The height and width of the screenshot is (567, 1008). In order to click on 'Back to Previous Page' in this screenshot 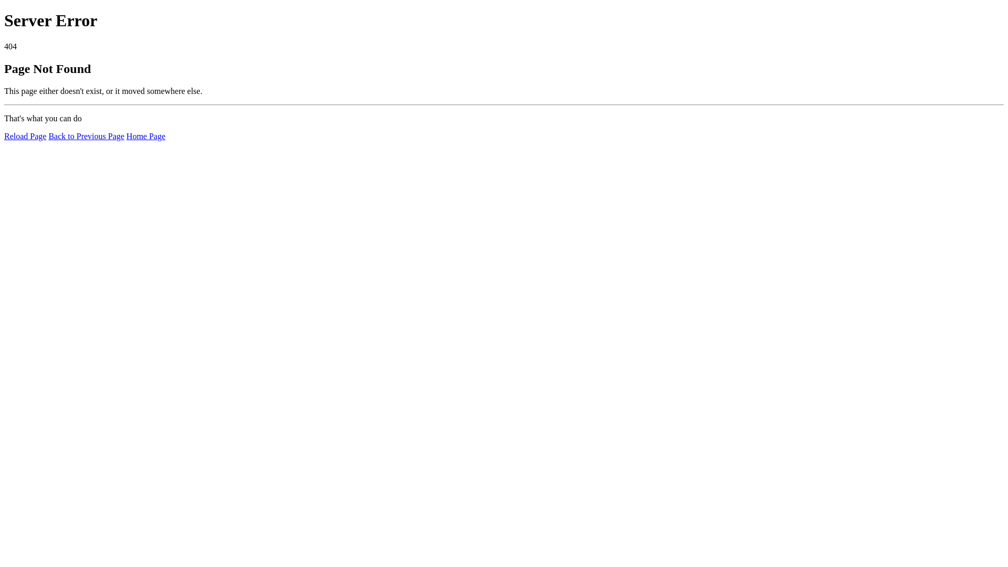, I will do `click(86, 135)`.